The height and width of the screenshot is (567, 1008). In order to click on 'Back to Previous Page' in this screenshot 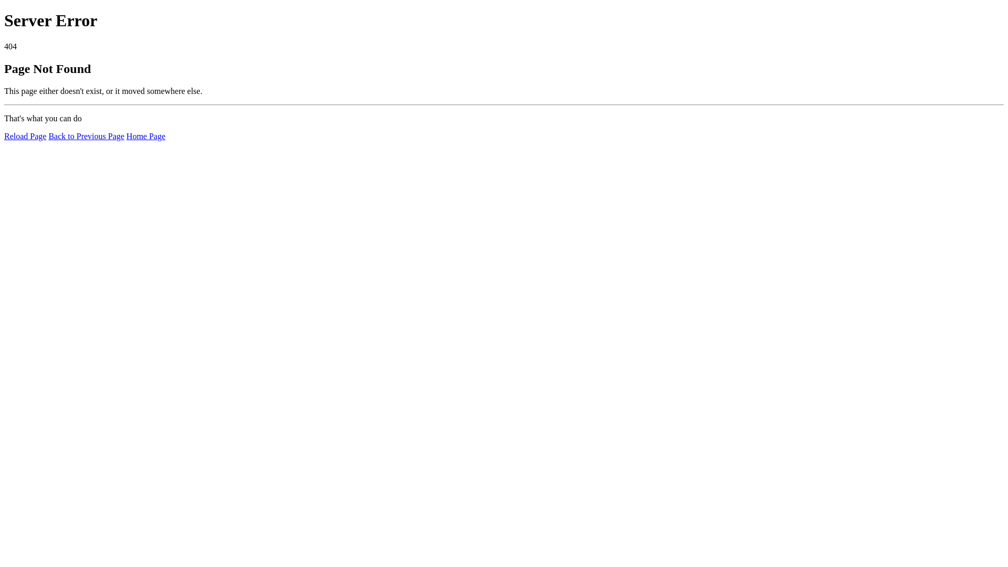, I will do `click(86, 135)`.